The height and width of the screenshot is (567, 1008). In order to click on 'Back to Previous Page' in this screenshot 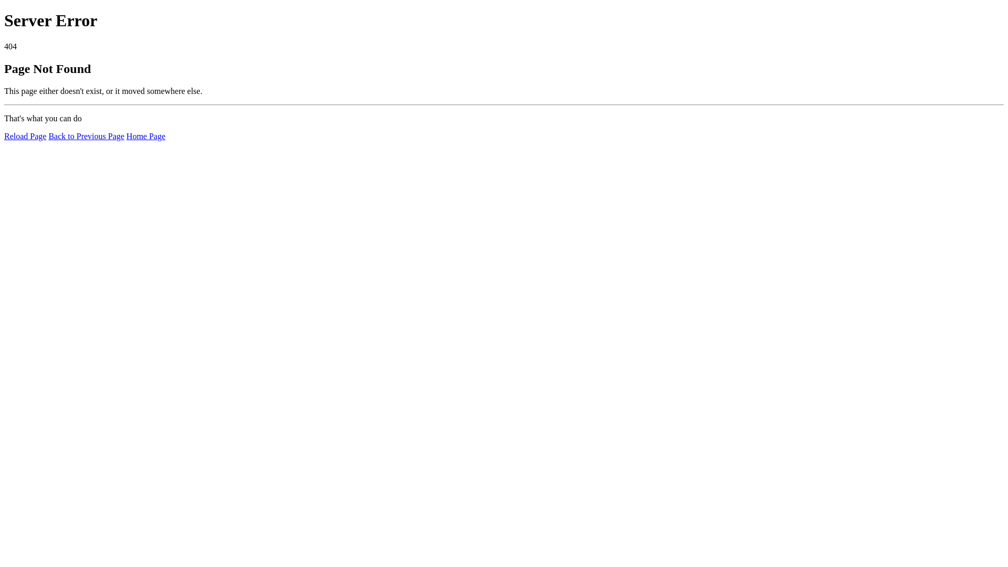, I will do `click(86, 135)`.